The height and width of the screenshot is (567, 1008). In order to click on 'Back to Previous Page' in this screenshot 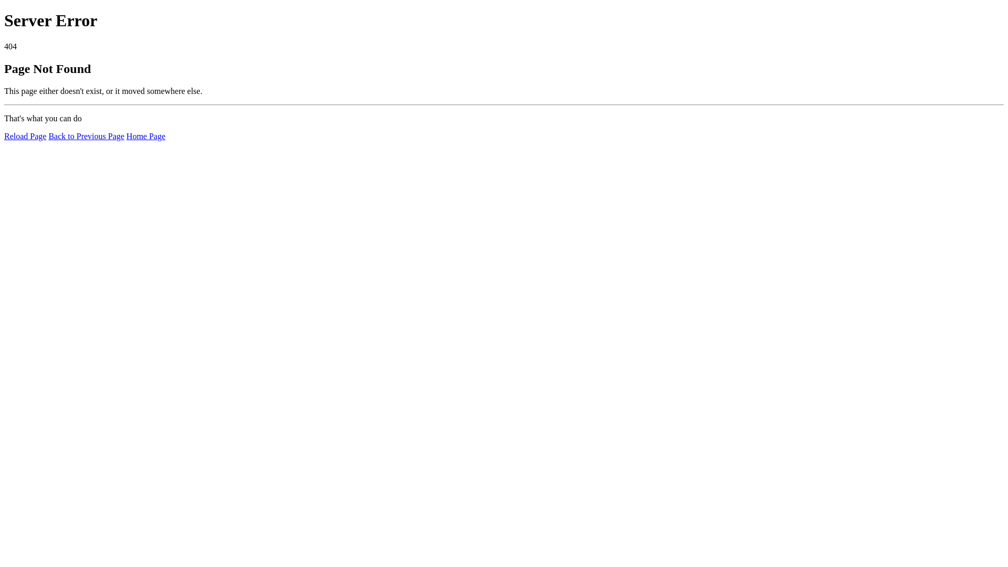, I will do `click(86, 135)`.